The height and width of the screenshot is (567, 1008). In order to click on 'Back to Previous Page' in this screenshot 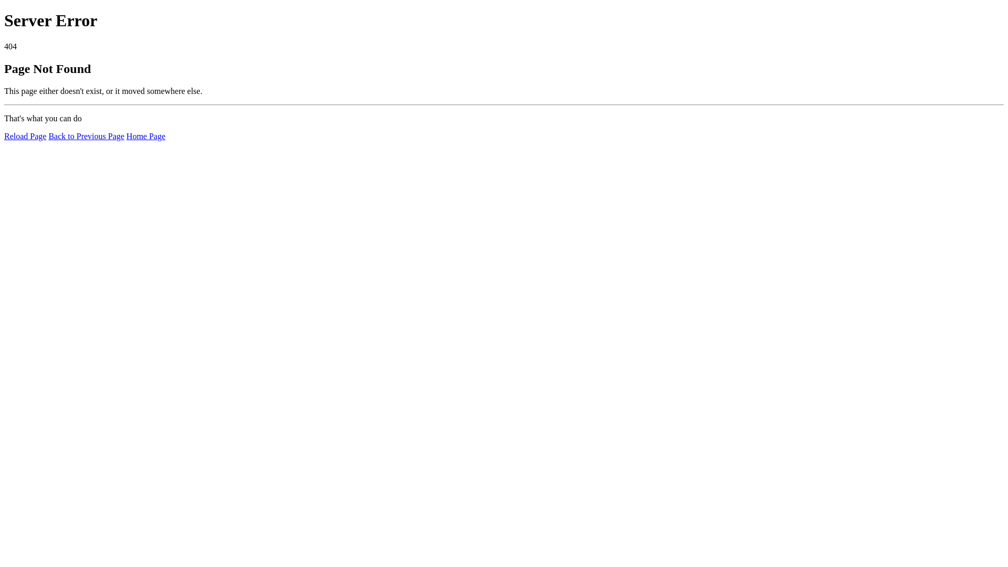, I will do `click(86, 135)`.